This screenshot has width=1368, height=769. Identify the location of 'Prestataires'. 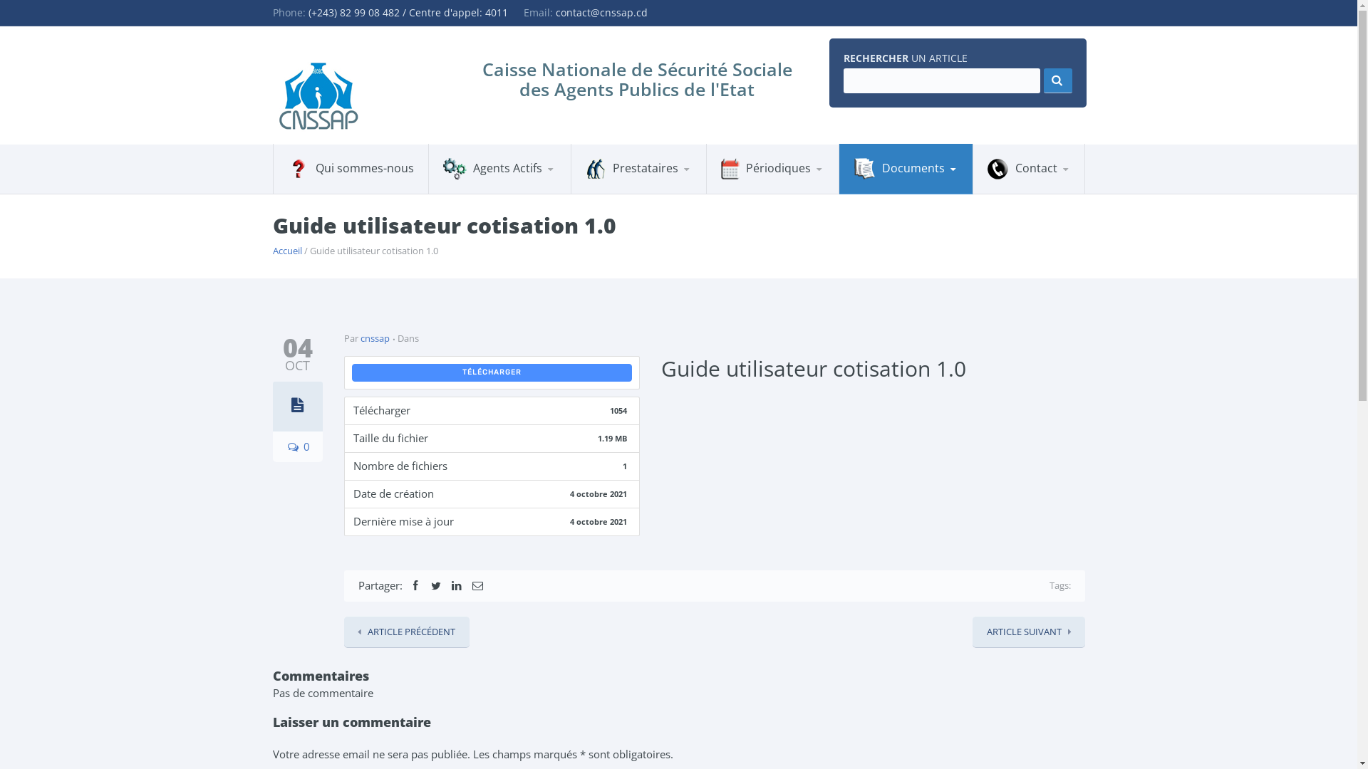
(638, 167).